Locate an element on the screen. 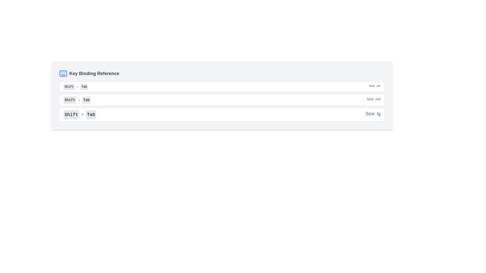 Image resolution: width=486 pixels, height=273 pixels. the non-interactive text label that indicates the size setting, located on the right end of the third row in a vertical list, adjacent to the 'Shift+Tab' label is located at coordinates (373, 115).